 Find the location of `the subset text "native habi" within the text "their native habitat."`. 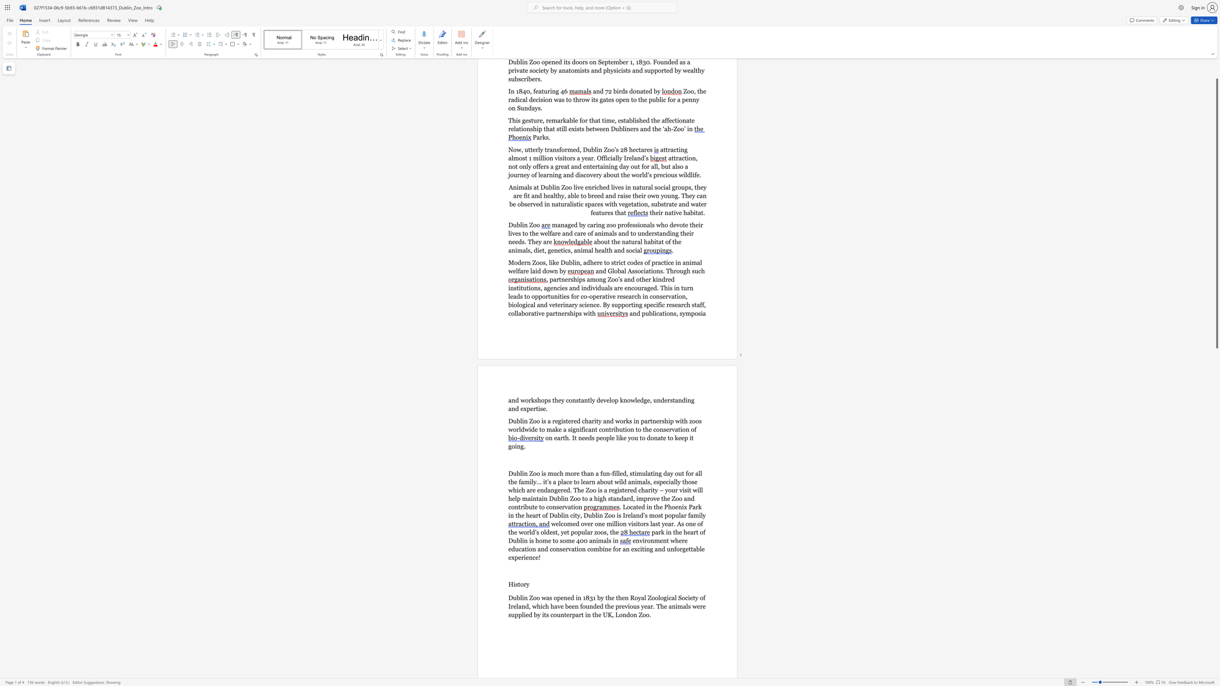

the subset text "native habi" within the text "their native habitat." is located at coordinates (664, 212).